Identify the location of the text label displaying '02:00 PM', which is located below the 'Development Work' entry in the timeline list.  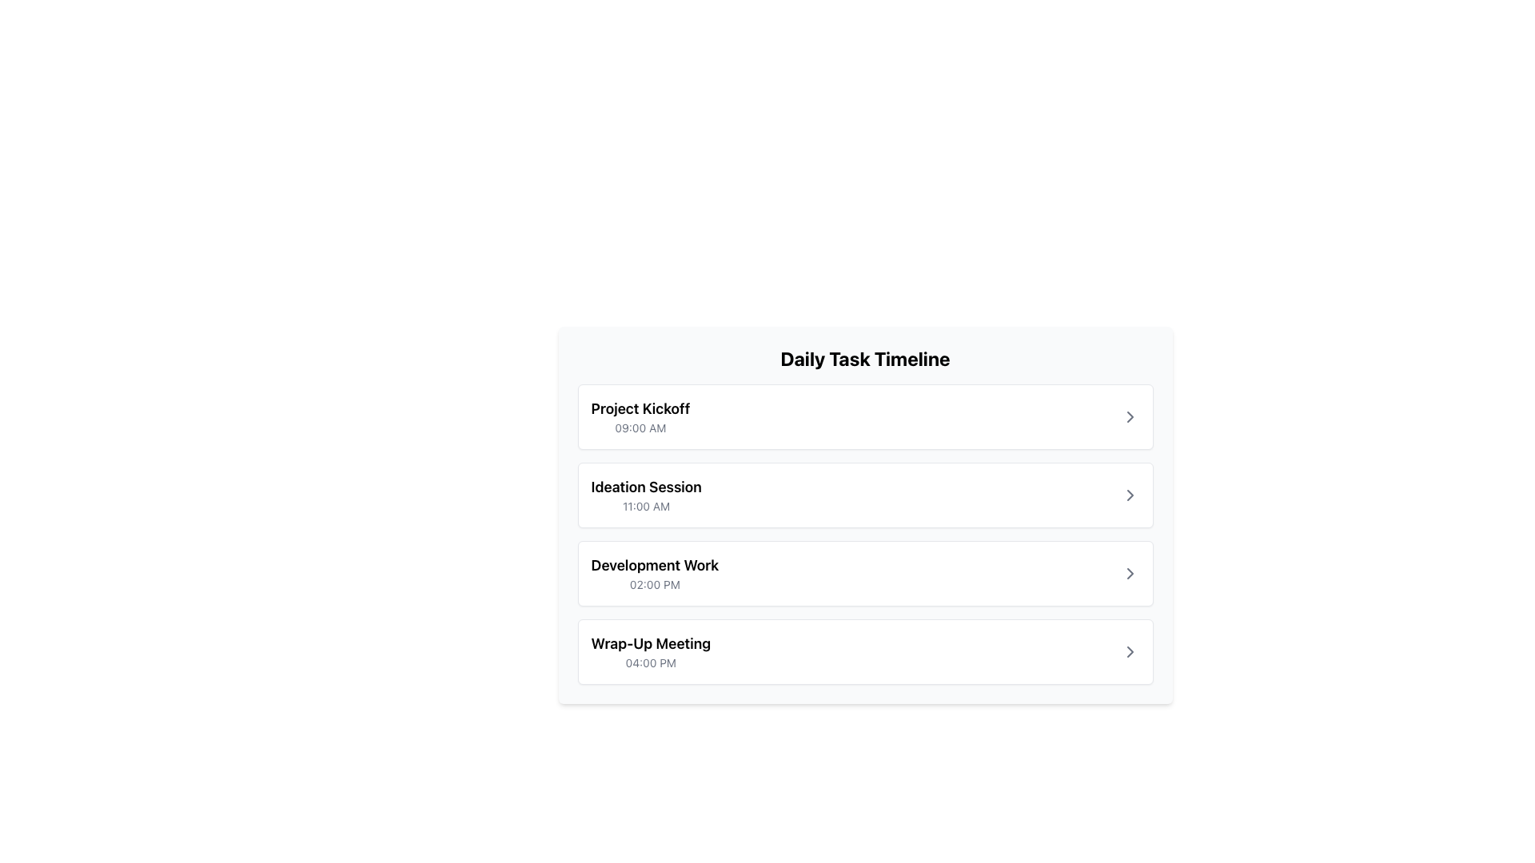
(655, 585).